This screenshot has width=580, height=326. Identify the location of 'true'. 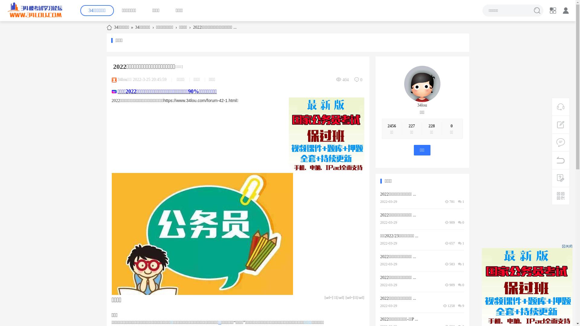
(530, 10).